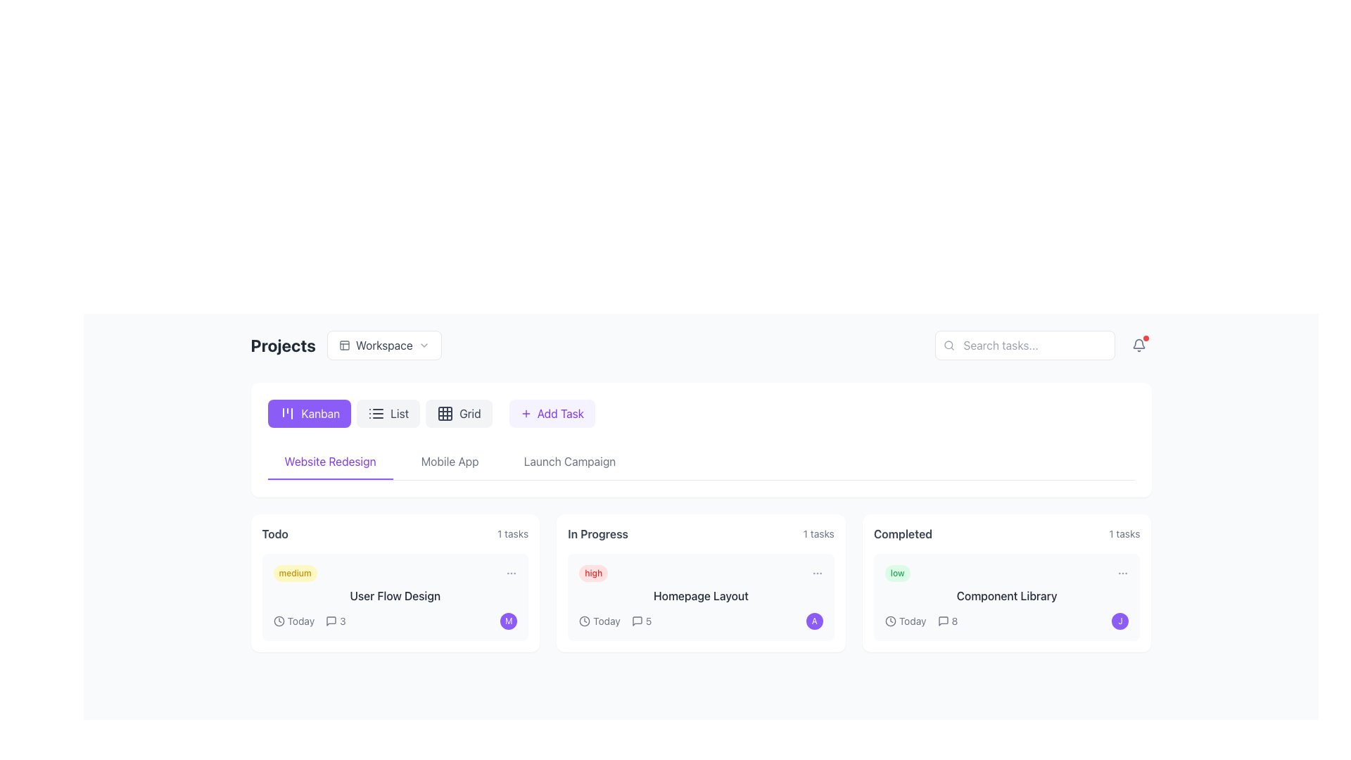 The image size is (1351, 760). What do you see at coordinates (459, 412) in the screenshot?
I see `the 'Grid' button, which is the third button in a horizontal group of three buttons` at bounding box center [459, 412].